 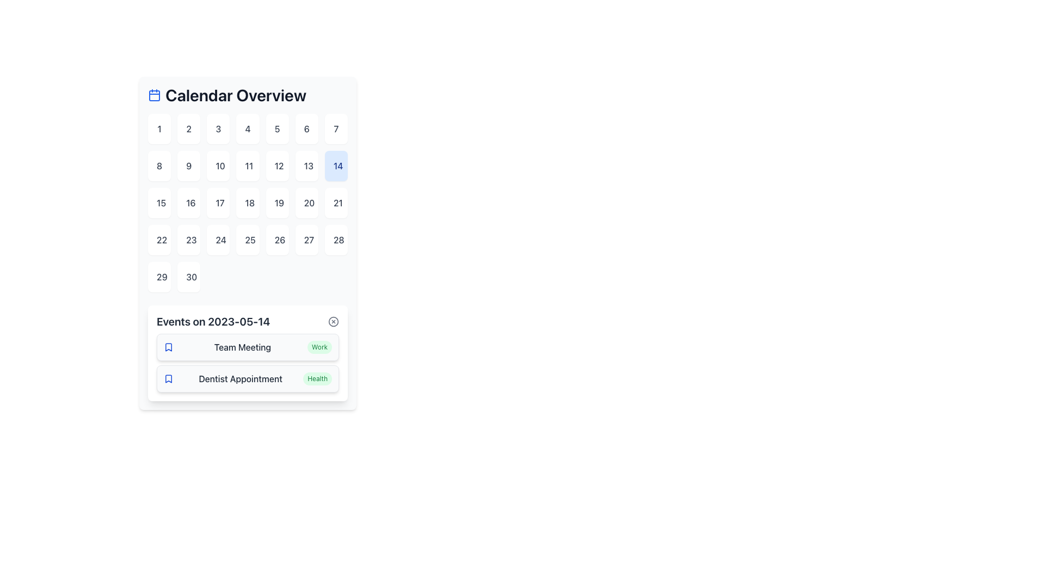 I want to click on the selectable calendar date button located in the last row and second column of the grid, so click(x=189, y=277).